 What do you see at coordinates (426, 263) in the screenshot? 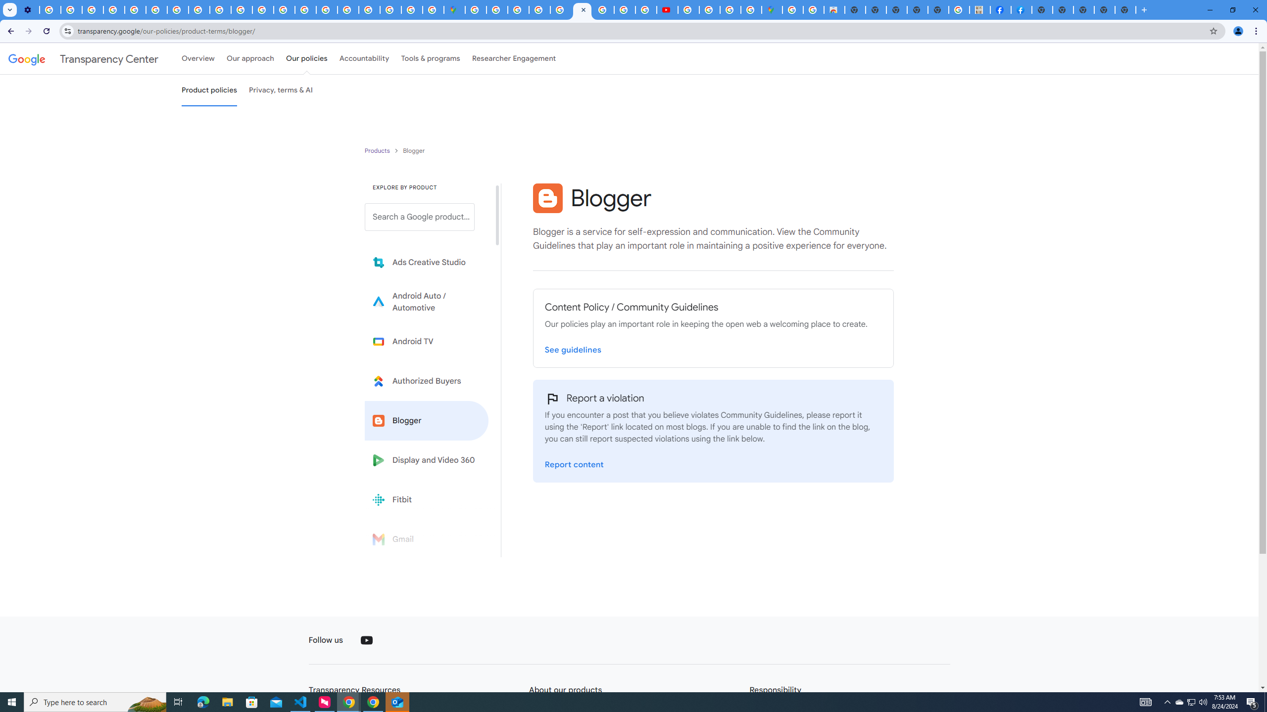
I see `'Learn more about Ads Creative Studio'` at bounding box center [426, 263].